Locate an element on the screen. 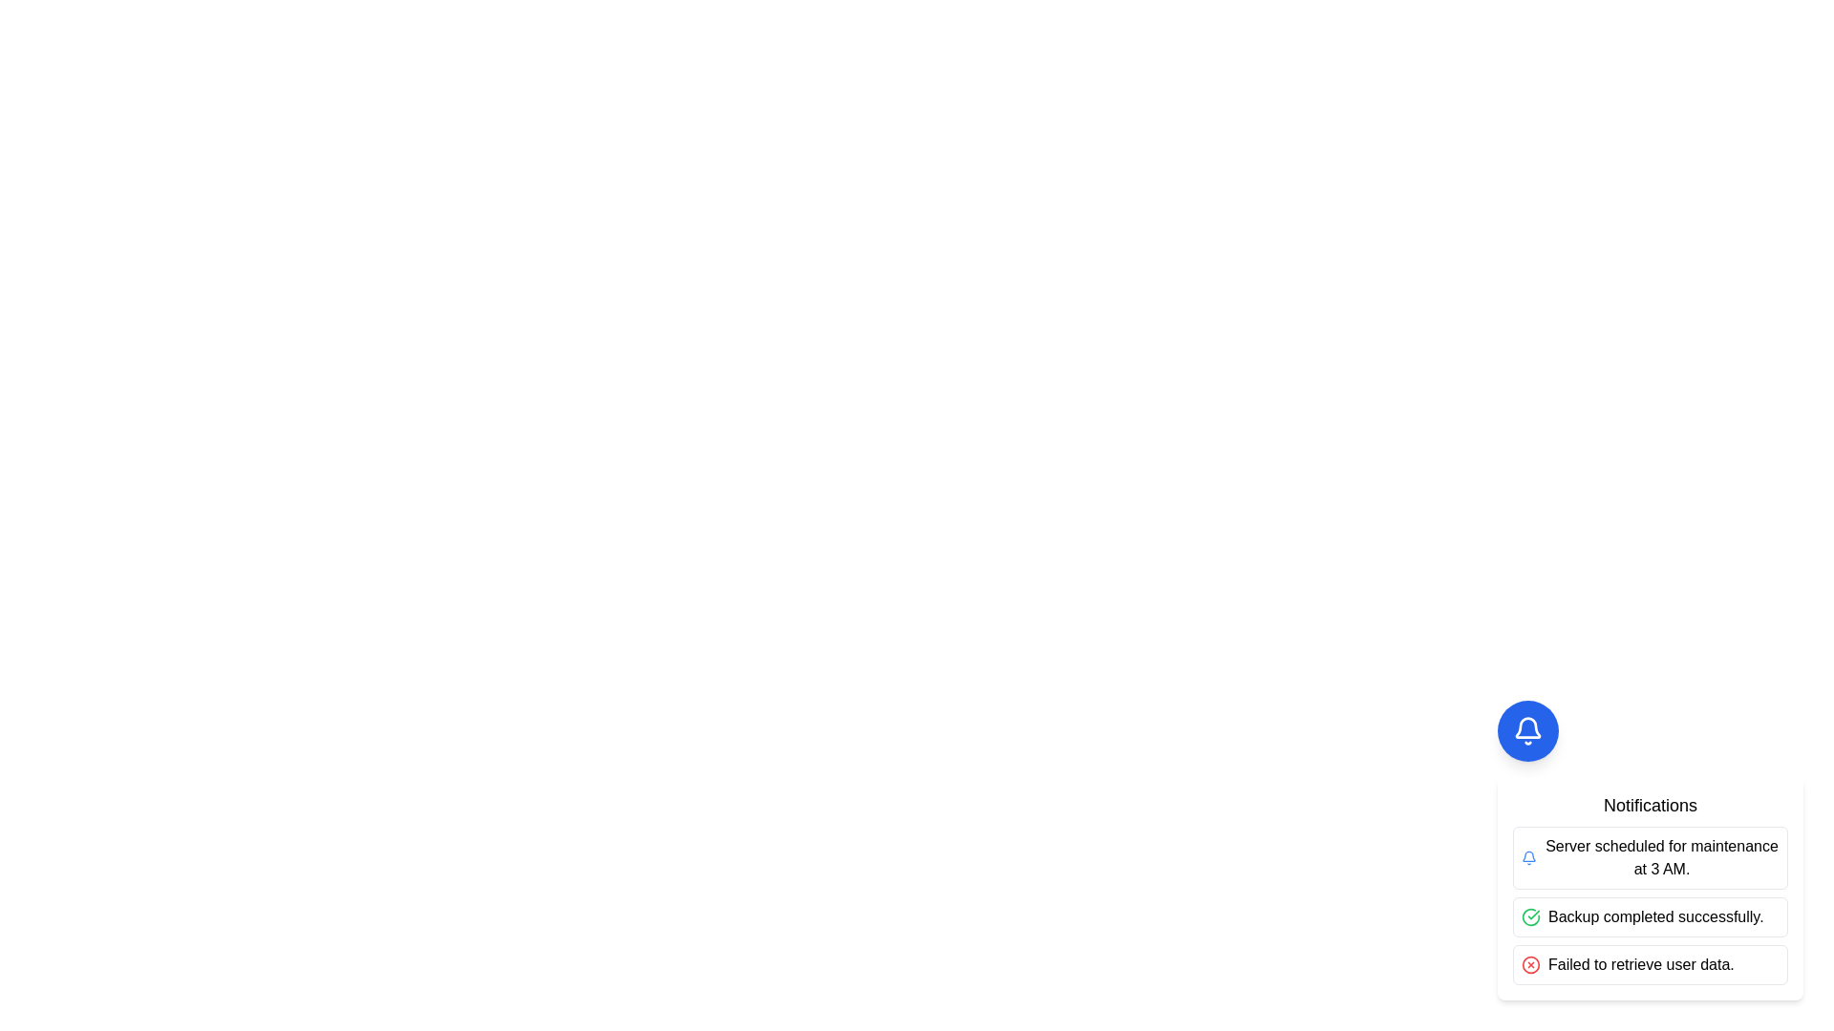 This screenshot has width=1834, height=1031. notifications displayed in the main notification panel located at the bottom right corner of the interface is located at coordinates (1650, 850).